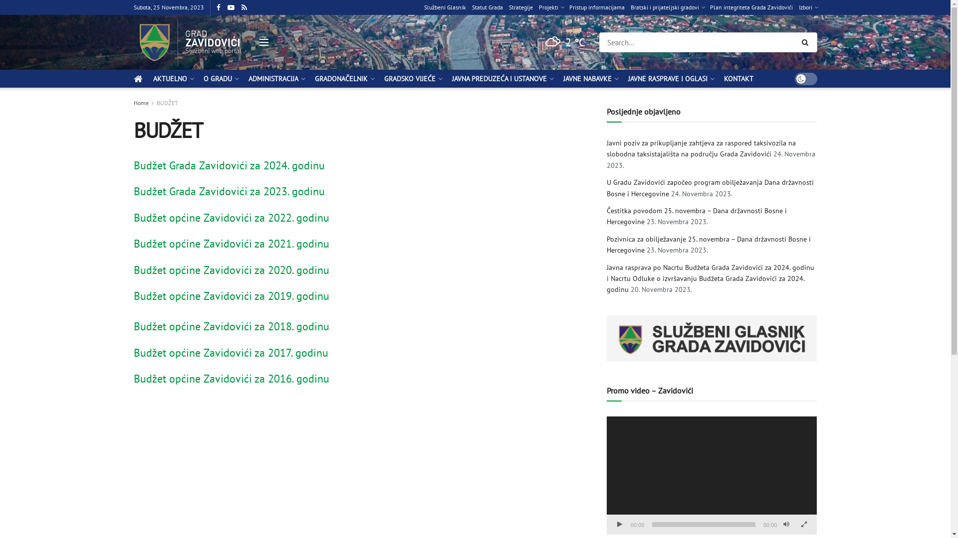 The width and height of the screenshot is (958, 538). Describe the element at coordinates (141, 103) in the screenshot. I see `'Home'` at that location.